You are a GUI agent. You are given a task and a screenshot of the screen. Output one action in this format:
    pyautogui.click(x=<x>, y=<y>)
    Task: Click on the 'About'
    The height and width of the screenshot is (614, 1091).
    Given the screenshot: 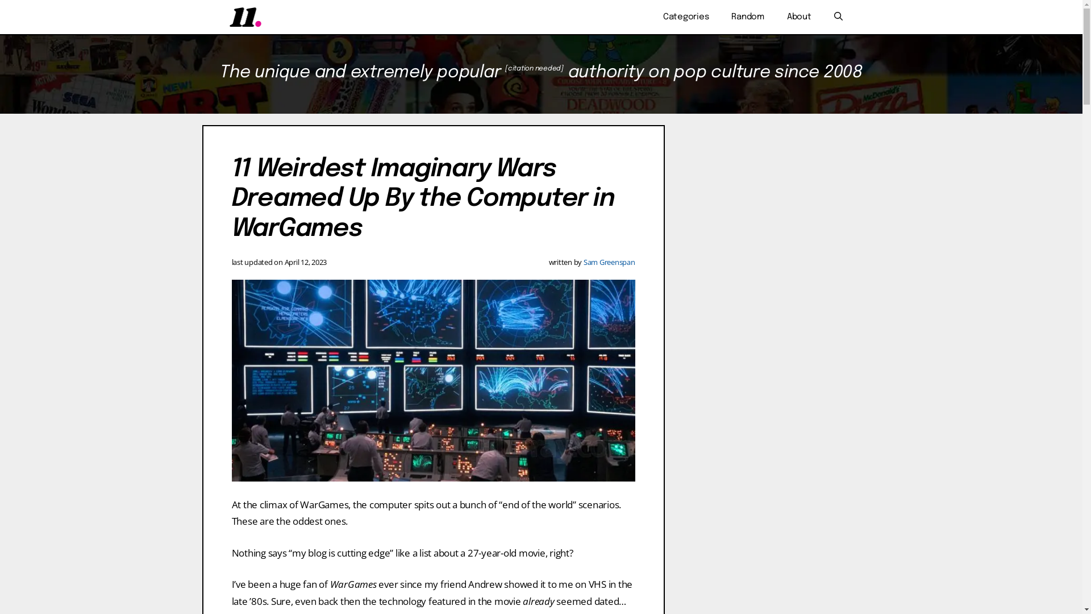 What is the action you would take?
    pyautogui.click(x=798, y=17)
    